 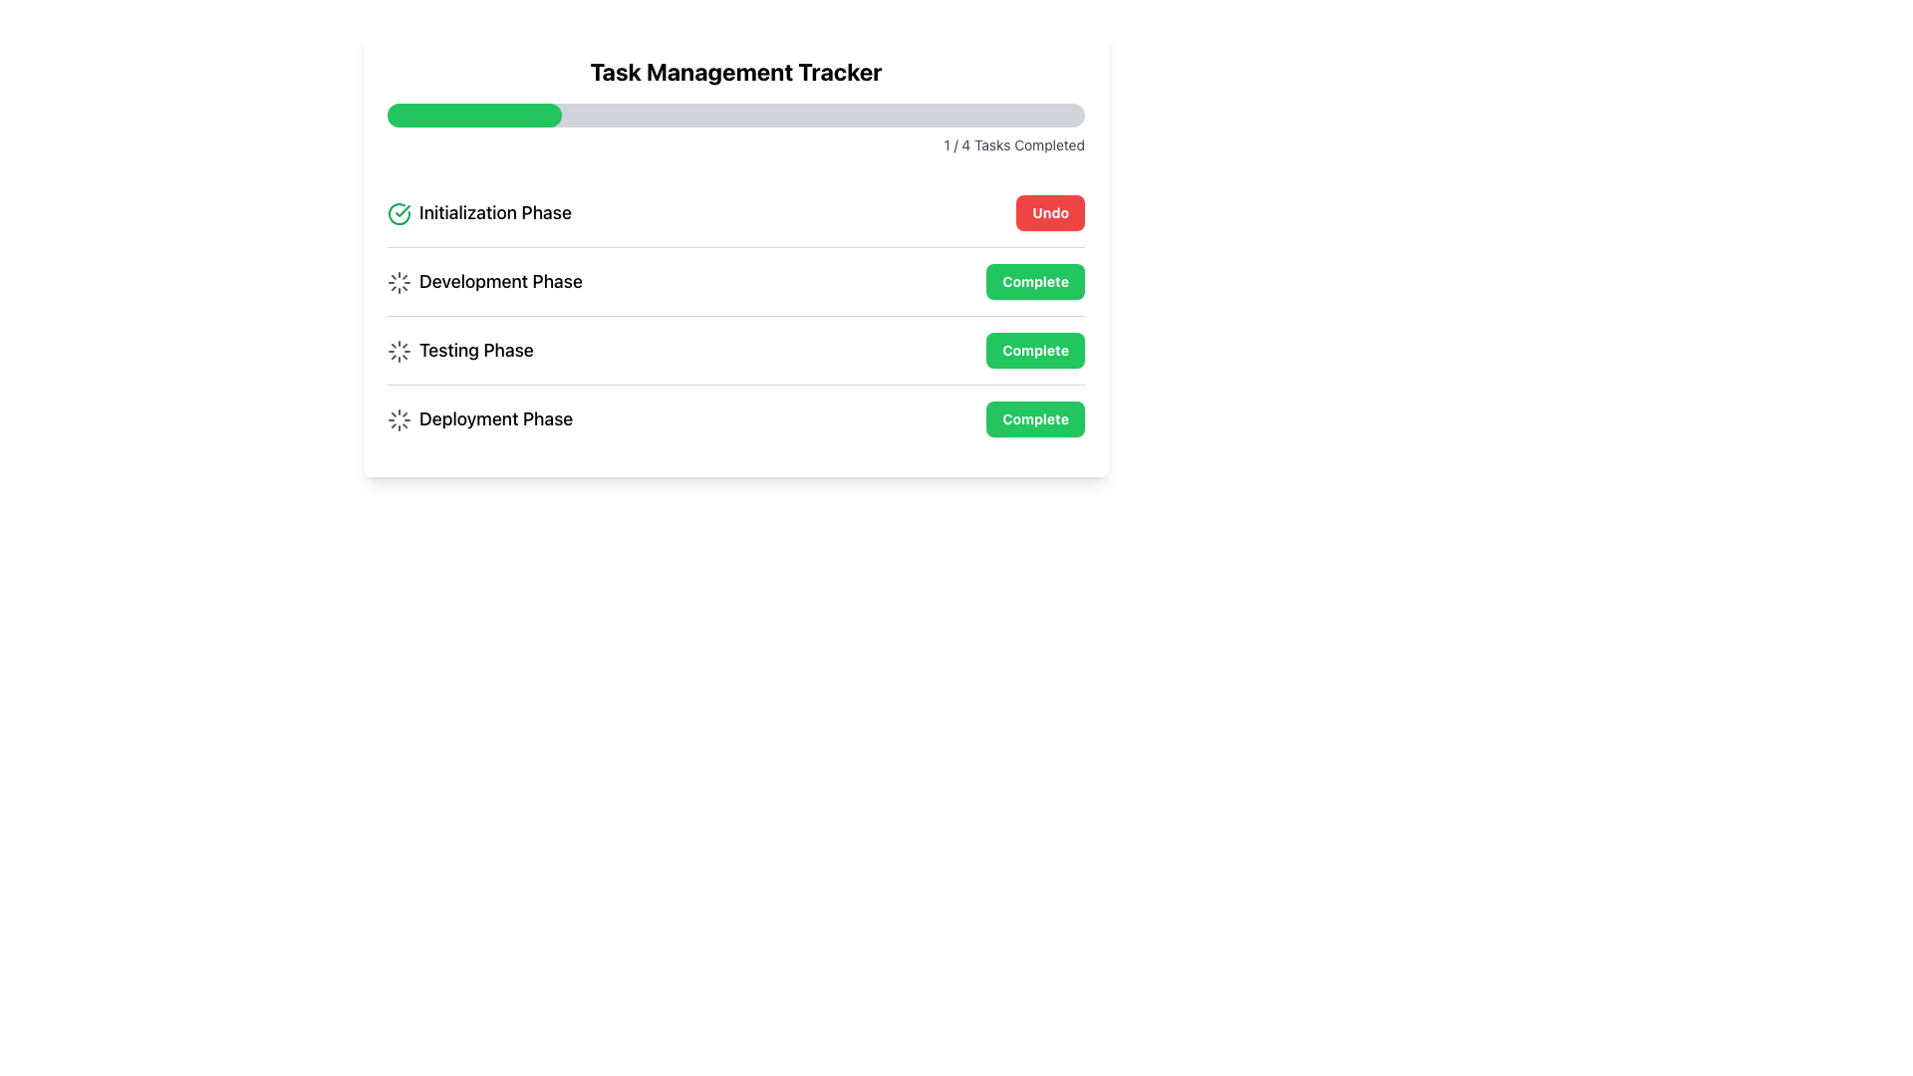 I want to click on the green 'Complete' button with rounded edges located in the far-right corner of its section to trigger a visual effect, so click(x=1035, y=417).